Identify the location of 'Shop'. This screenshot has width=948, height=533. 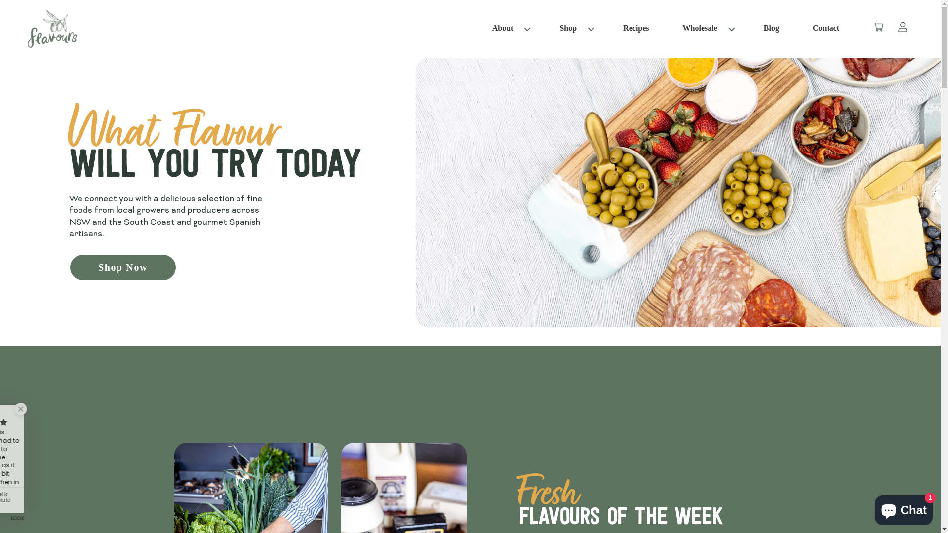
(574, 28).